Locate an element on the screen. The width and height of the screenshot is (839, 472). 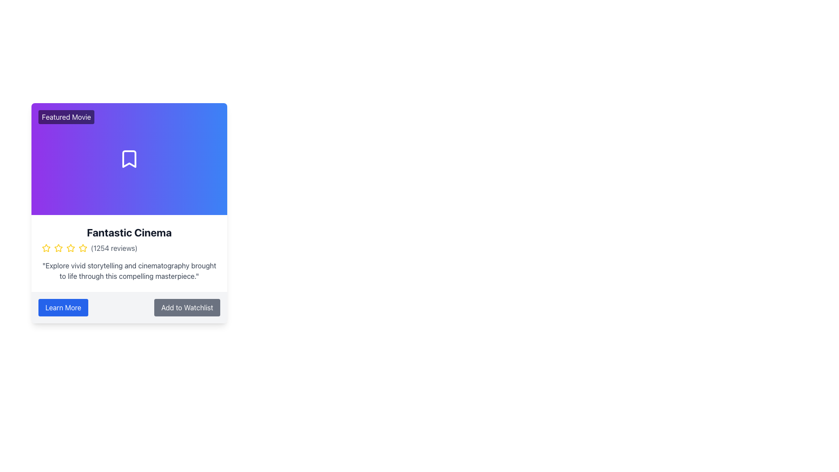
the third yellow star-shaped icon to rate it in the star rating system for 'Fantastic Cinema' is located at coordinates (58, 248).